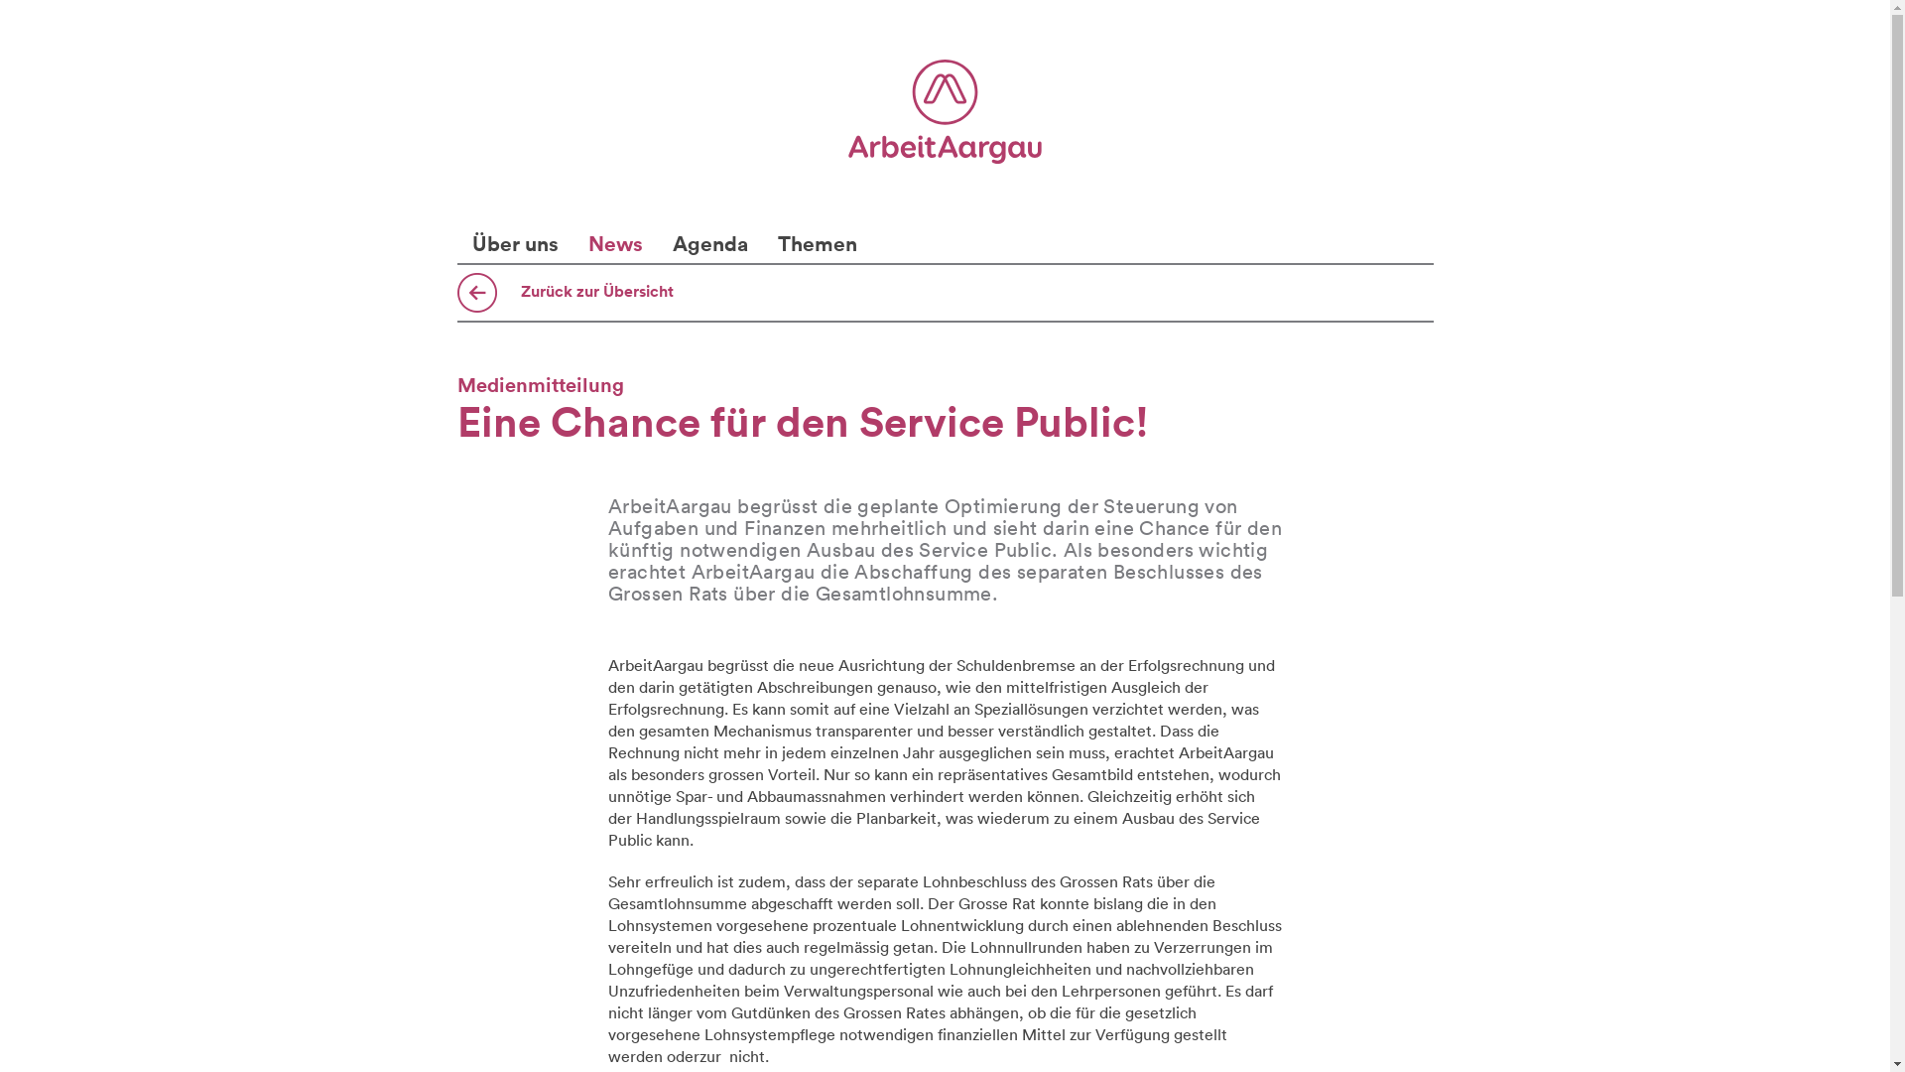 The width and height of the screenshot is (1905, 1072). I want to click on 'News', so click(614, 242).